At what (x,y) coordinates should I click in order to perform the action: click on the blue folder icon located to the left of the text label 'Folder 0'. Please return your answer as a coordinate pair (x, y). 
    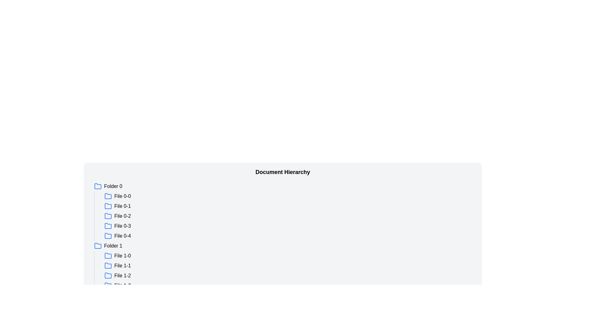
    Looking at the image, I should click on (98, 186).